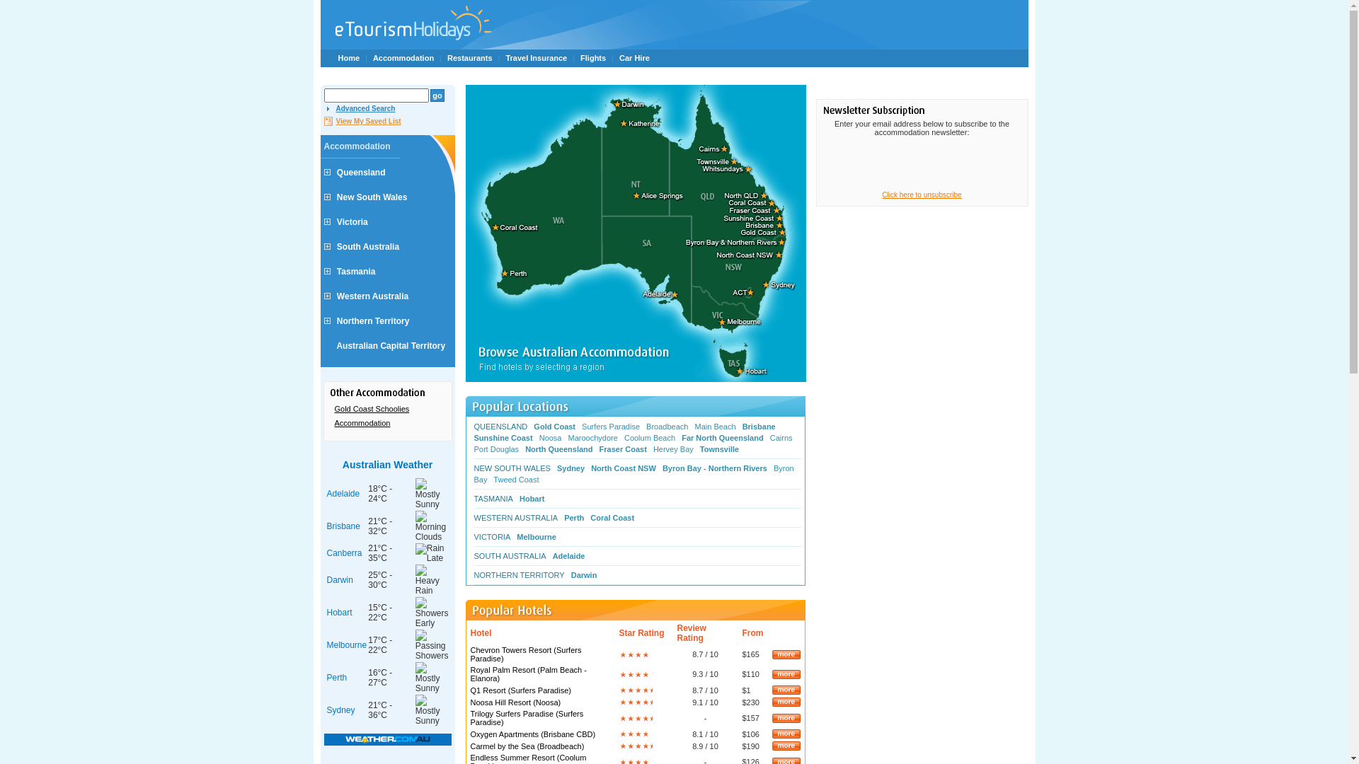 The image size is (1359, 764). I want to click on 'Maroochydore', so click(595, 436).